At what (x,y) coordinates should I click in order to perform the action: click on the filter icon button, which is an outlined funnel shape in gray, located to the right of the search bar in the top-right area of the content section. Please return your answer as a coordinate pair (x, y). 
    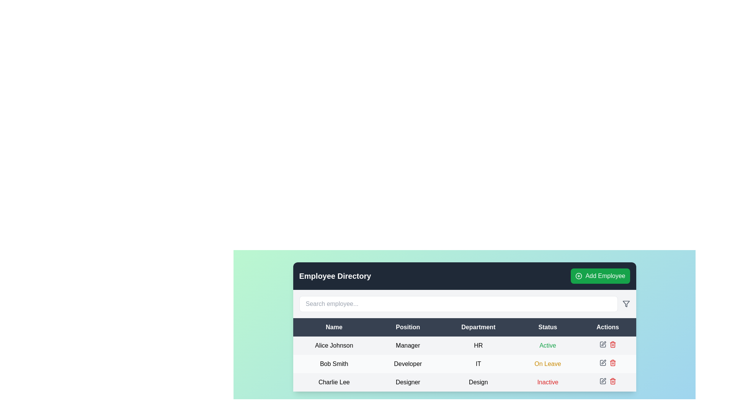
    Looking at the image, I should click on (626, 303).